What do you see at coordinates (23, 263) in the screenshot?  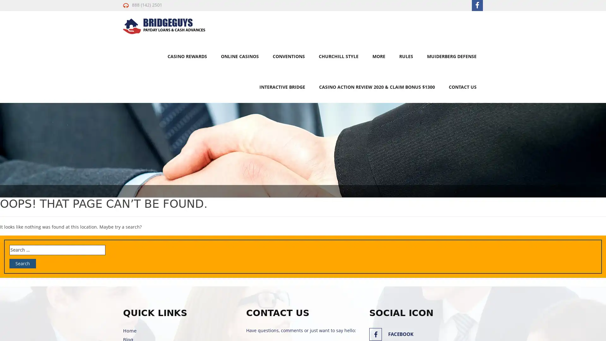 I see `Search` at bounding box center [23, 263].